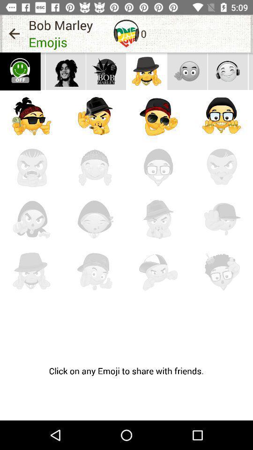 Image resolution: width=253 pixels, height=450 pixels. I want to click on item to the left of the bob marley icon, so click(14, 33).